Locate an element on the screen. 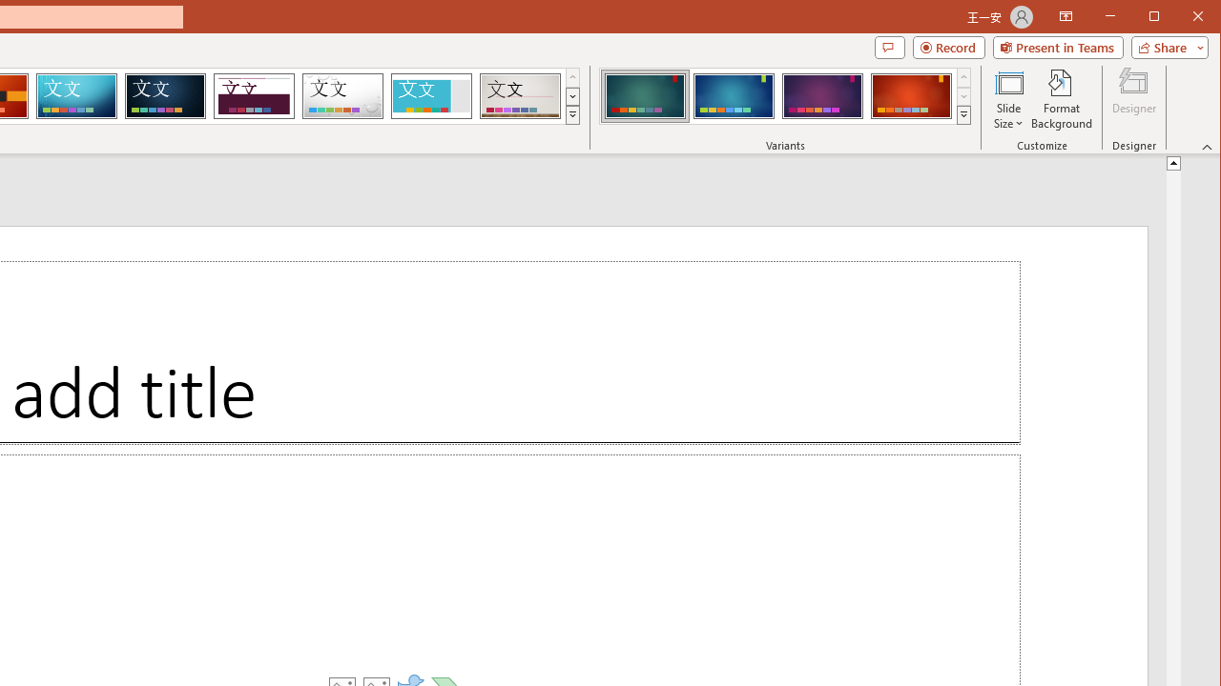 This screenshot has height=686, width=1221. 'Ion Variant 1' is located at coordinates (645, 95).